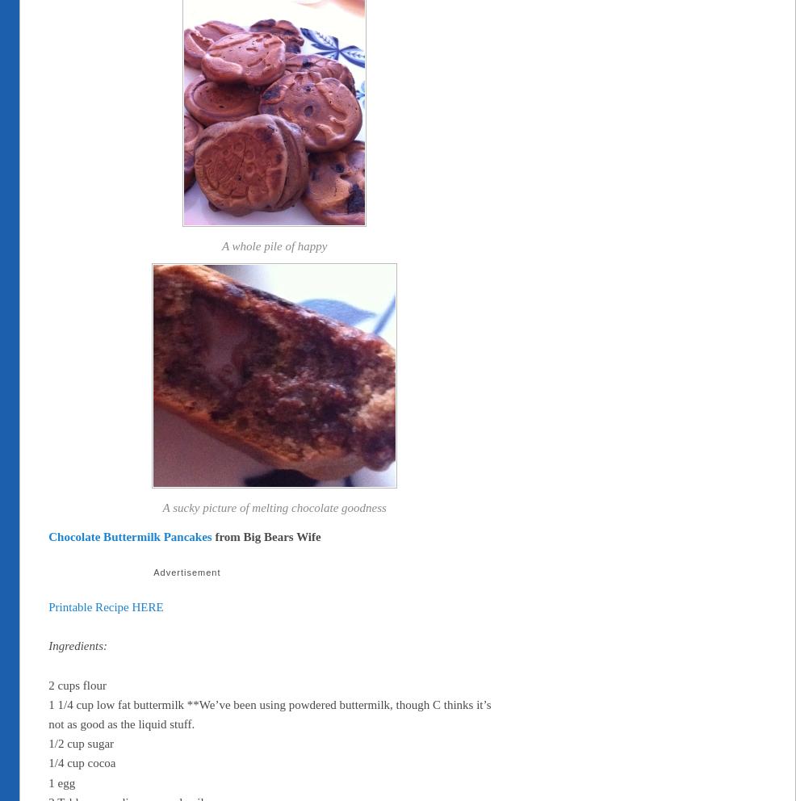 The image size is (796, 801). Describe the element at coordinates (48, 646) in the screenshot. I see `'Ingredients:'` at that location.